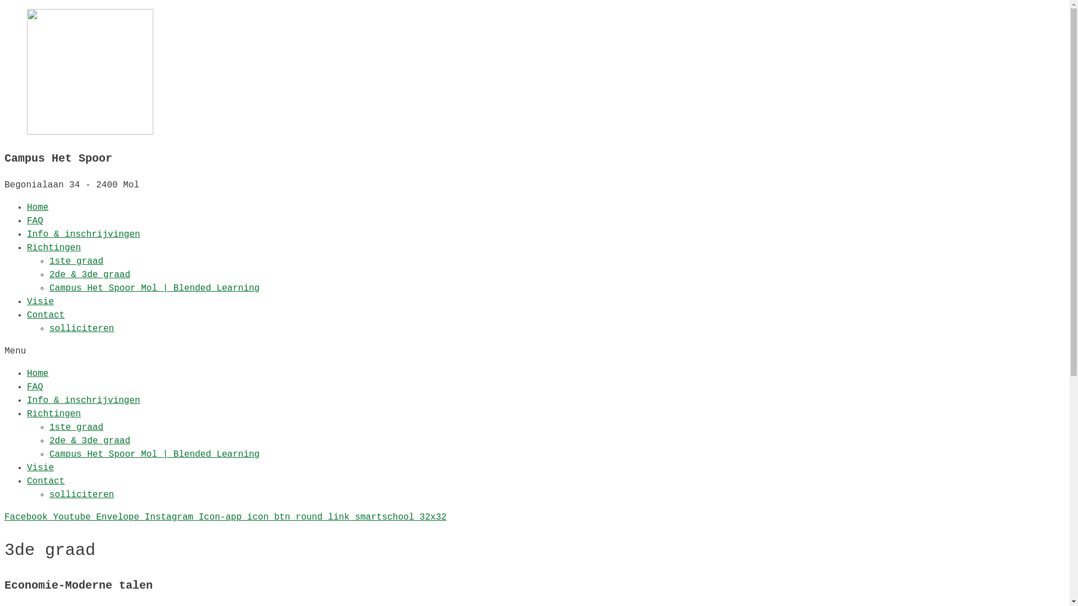 The image size is (1078, 606). I want to click on 'Home', so click(38, 208).